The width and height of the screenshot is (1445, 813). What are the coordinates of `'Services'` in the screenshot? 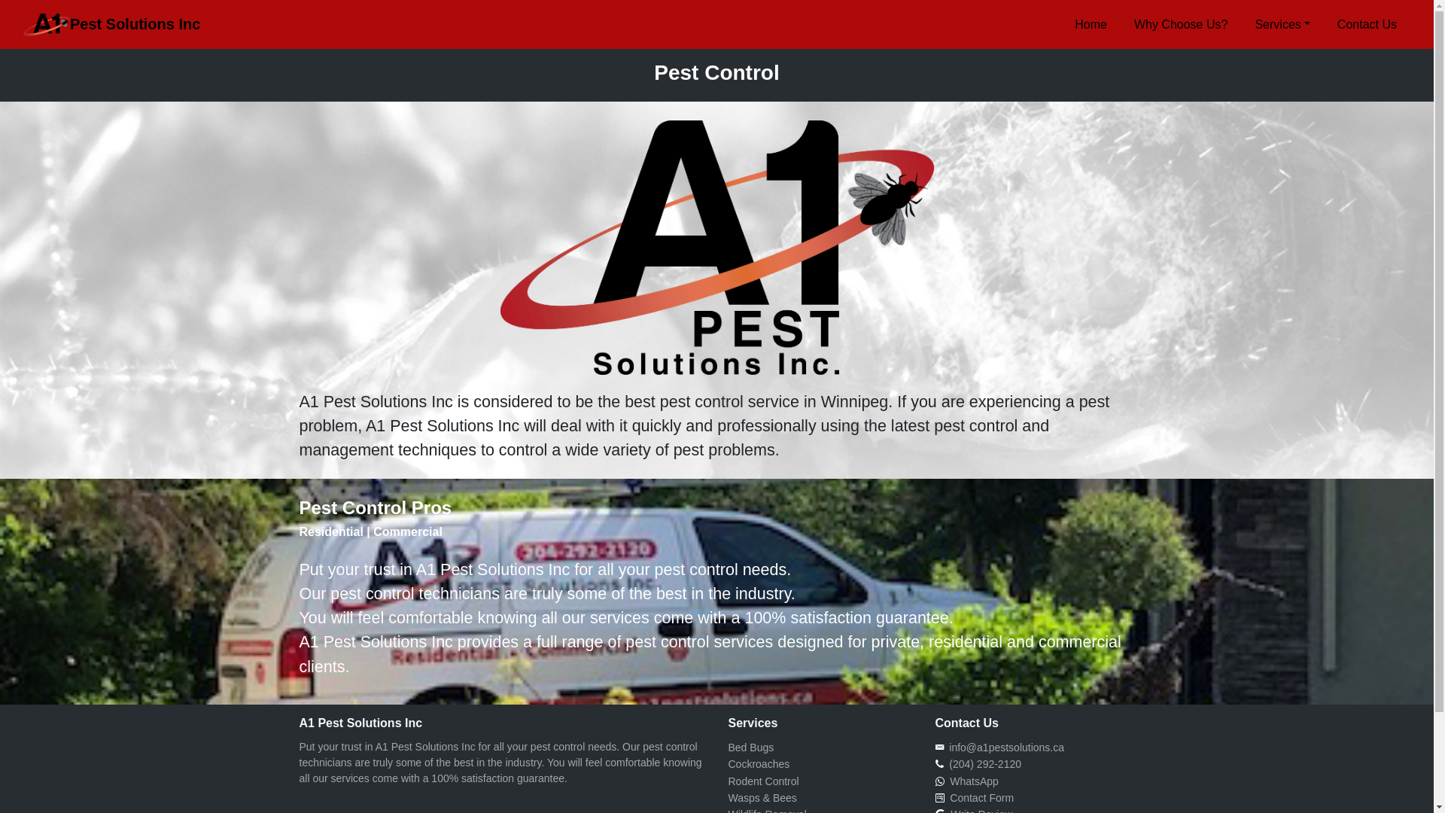 It's located at (1281, 23).